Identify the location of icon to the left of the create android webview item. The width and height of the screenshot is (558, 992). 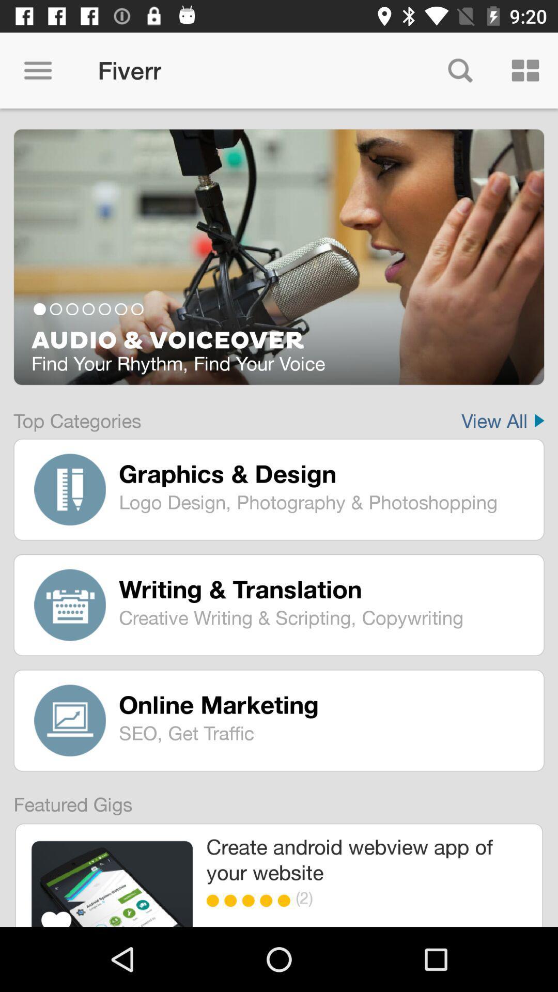
(112, 883).